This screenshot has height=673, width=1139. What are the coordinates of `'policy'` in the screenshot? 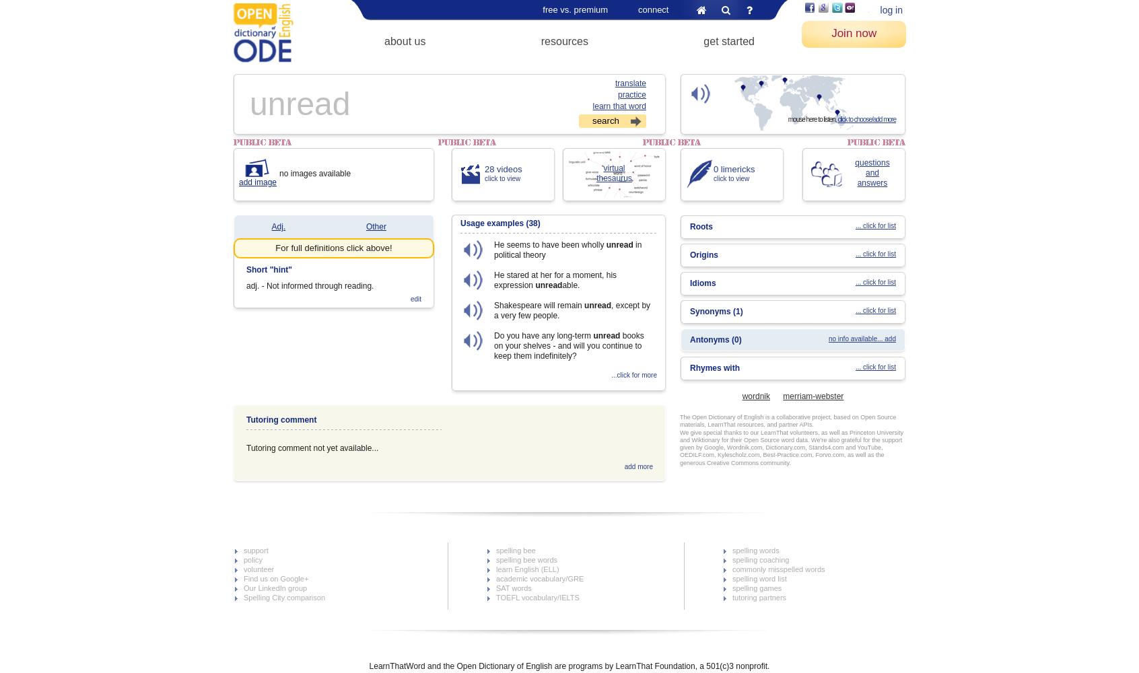 It's located at (252, 559).